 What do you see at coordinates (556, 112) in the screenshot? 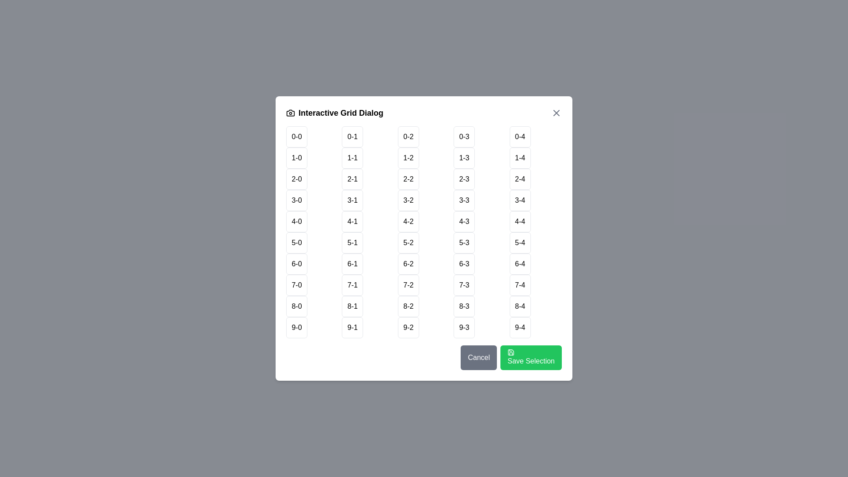
I see `the close button to dismiss the dialog` at bounding box center [556, 112].